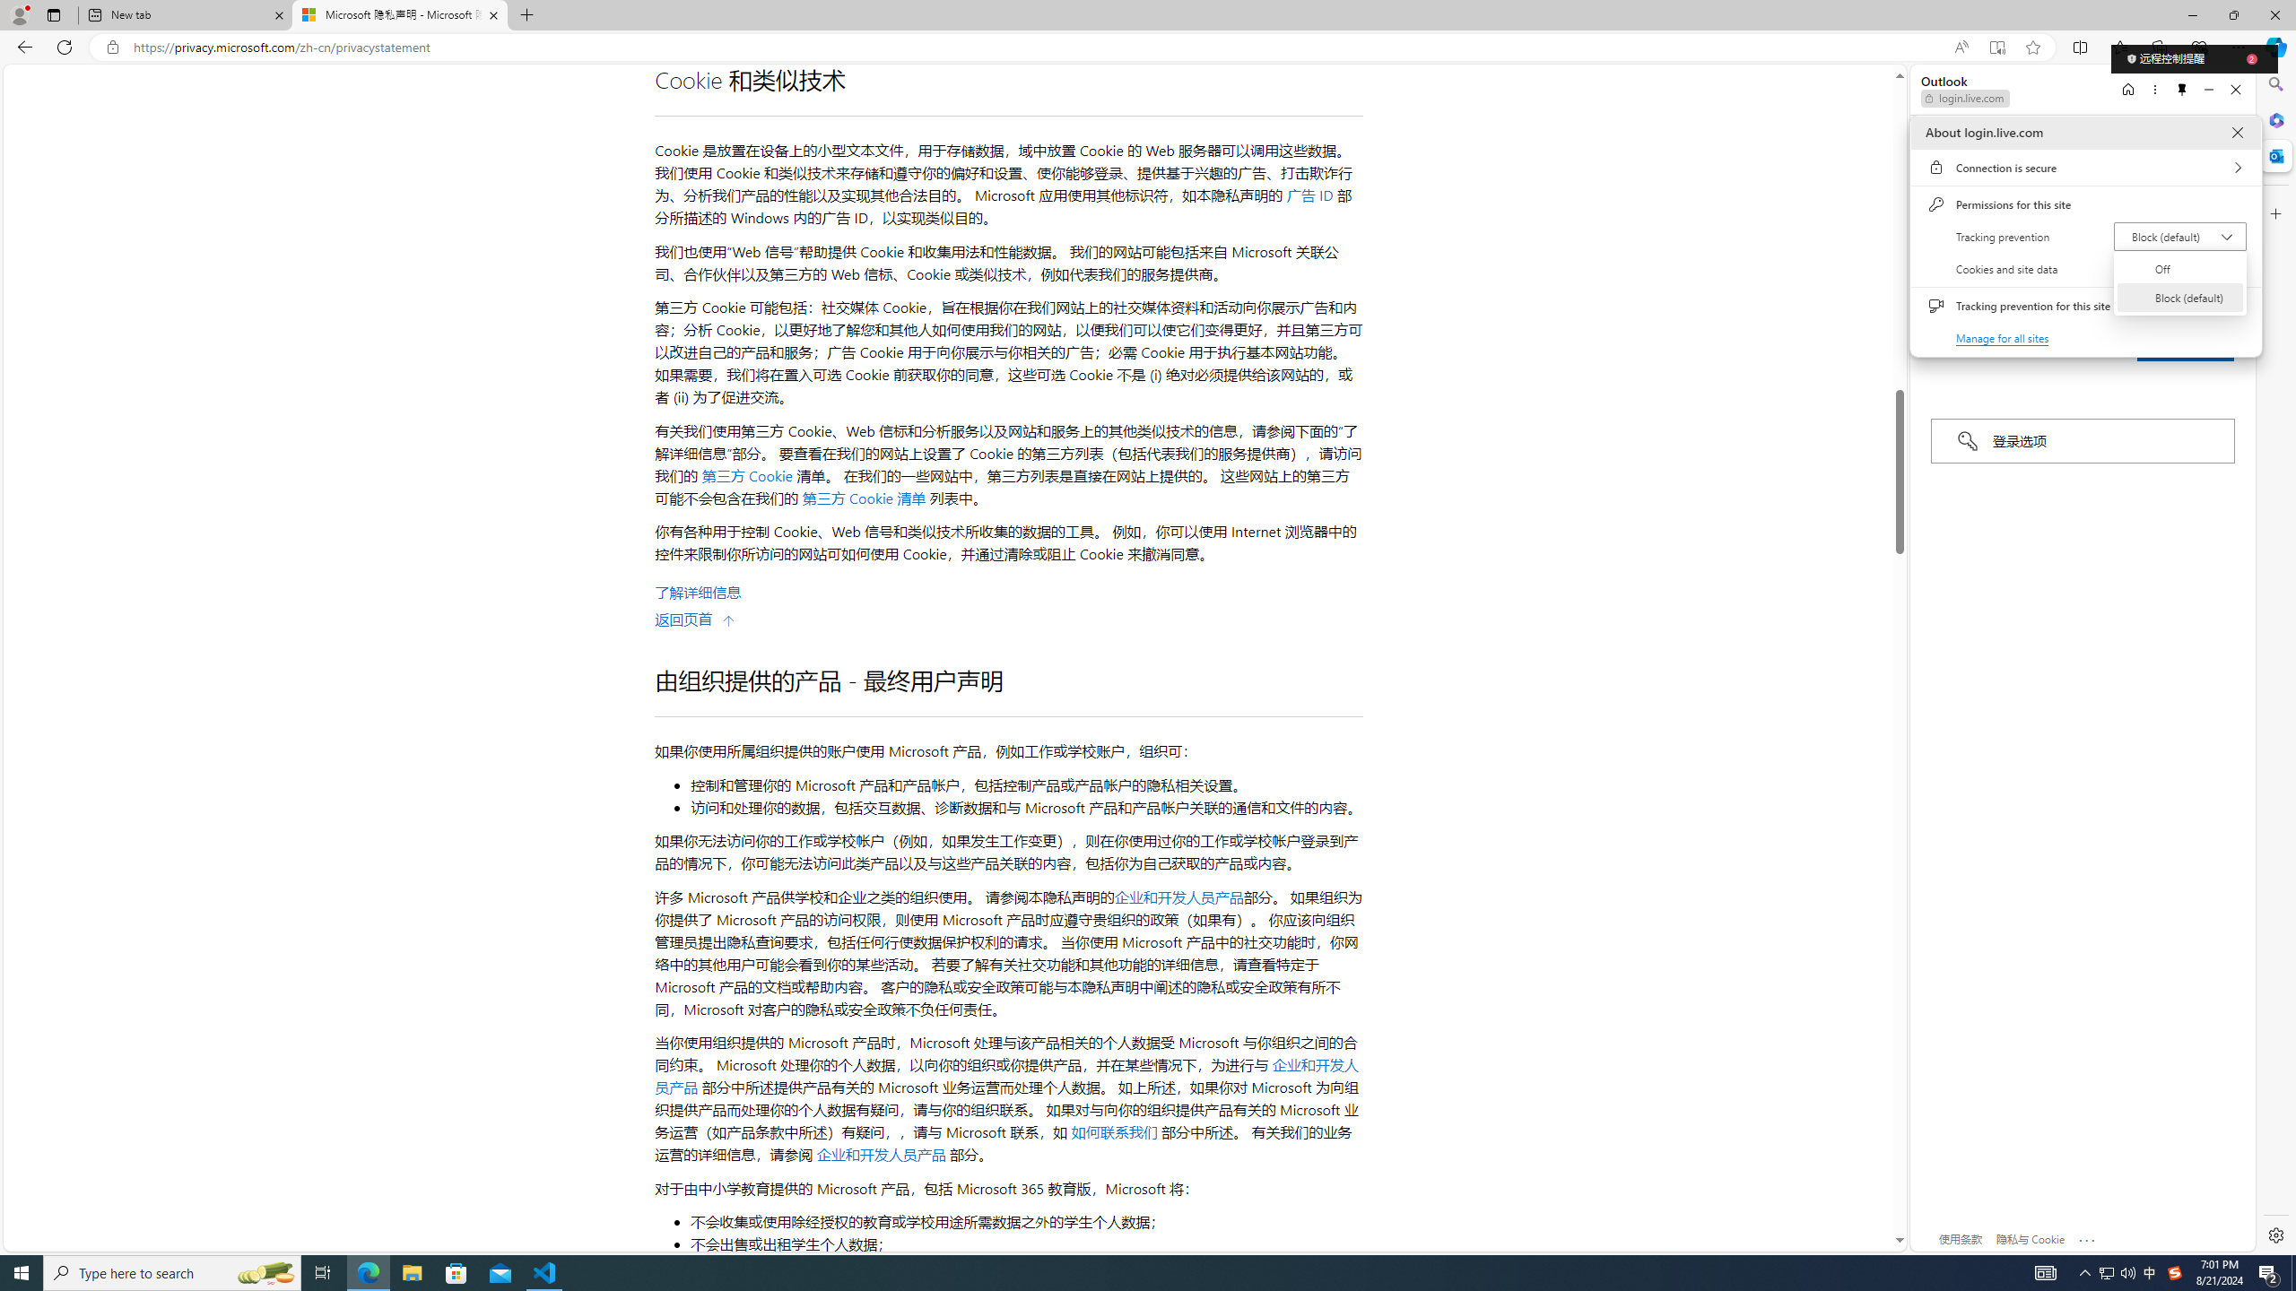 The image size is (2296, 1291). What do you see at coordinates (411, 1271) in the screenshot?
I see `'File Explorer'` at bounding box center [411, 1271].